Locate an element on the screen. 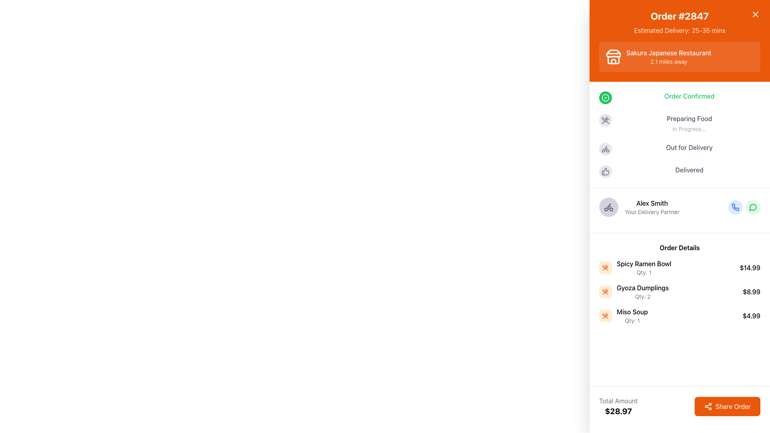 This screenshot has height=433, width=770. the text label that displays the quantity of 'Gyoza Dumplings' in the 'Order Details' section, which is located under the 'Gyoza Dumplings' title is located at coordinates (642, 297).